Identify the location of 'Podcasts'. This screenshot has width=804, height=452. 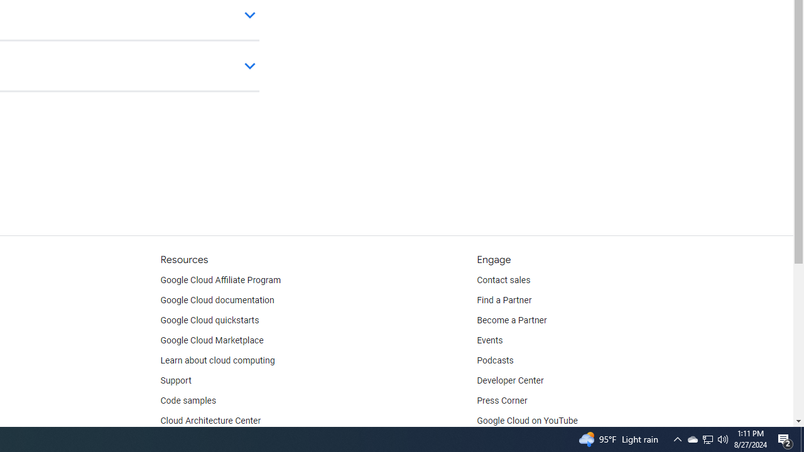
(494, 360).